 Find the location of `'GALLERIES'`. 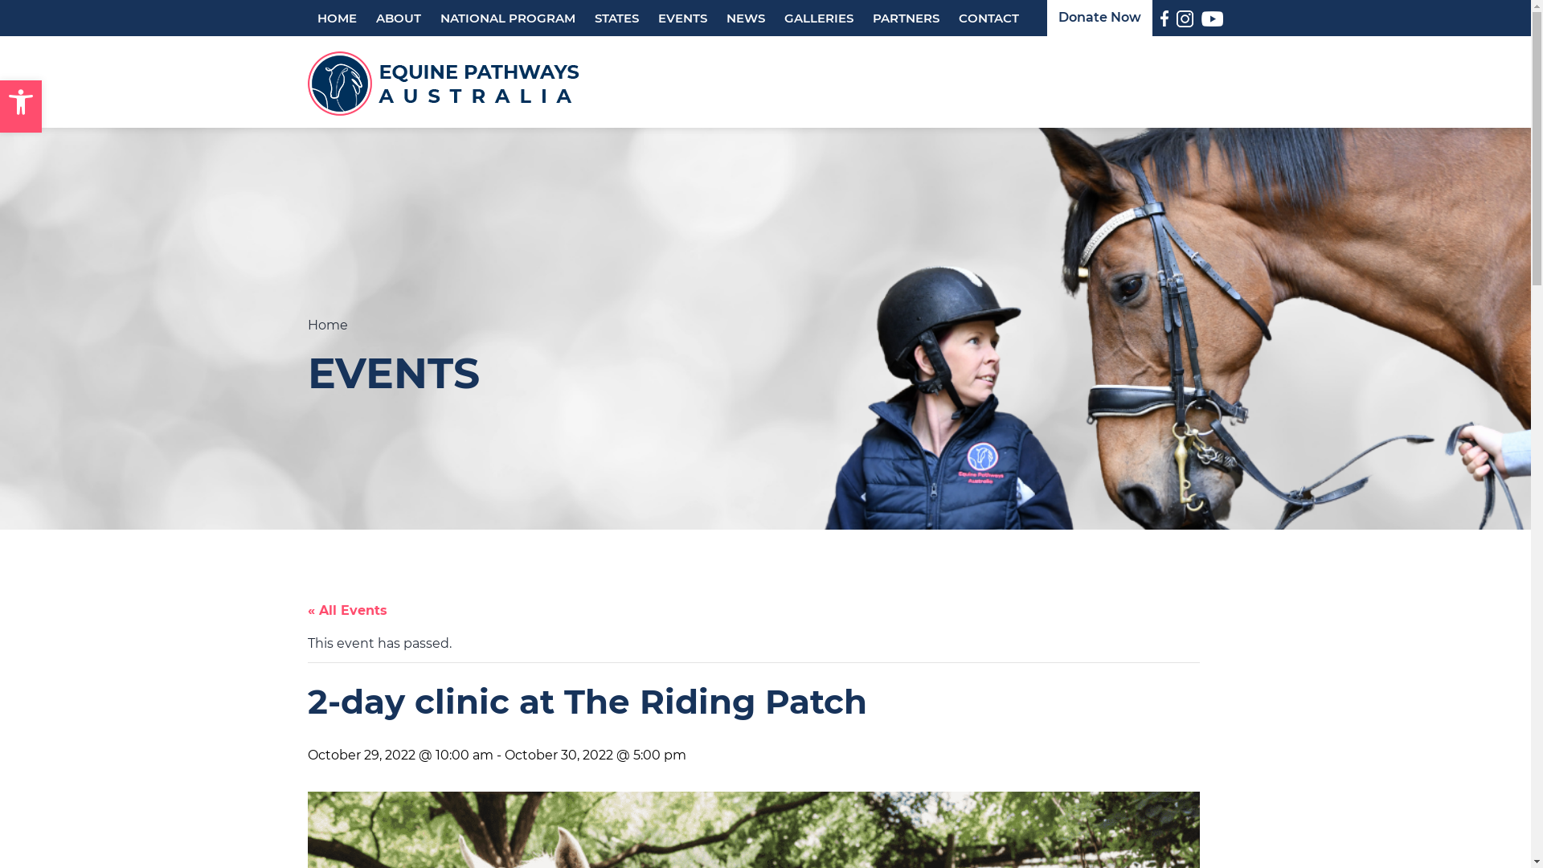

'GALLERIES' is located at coordinates (818, 18).